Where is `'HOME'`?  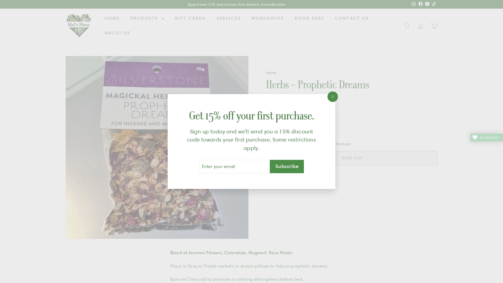 'HOME' is located at coordinates (112, 18).